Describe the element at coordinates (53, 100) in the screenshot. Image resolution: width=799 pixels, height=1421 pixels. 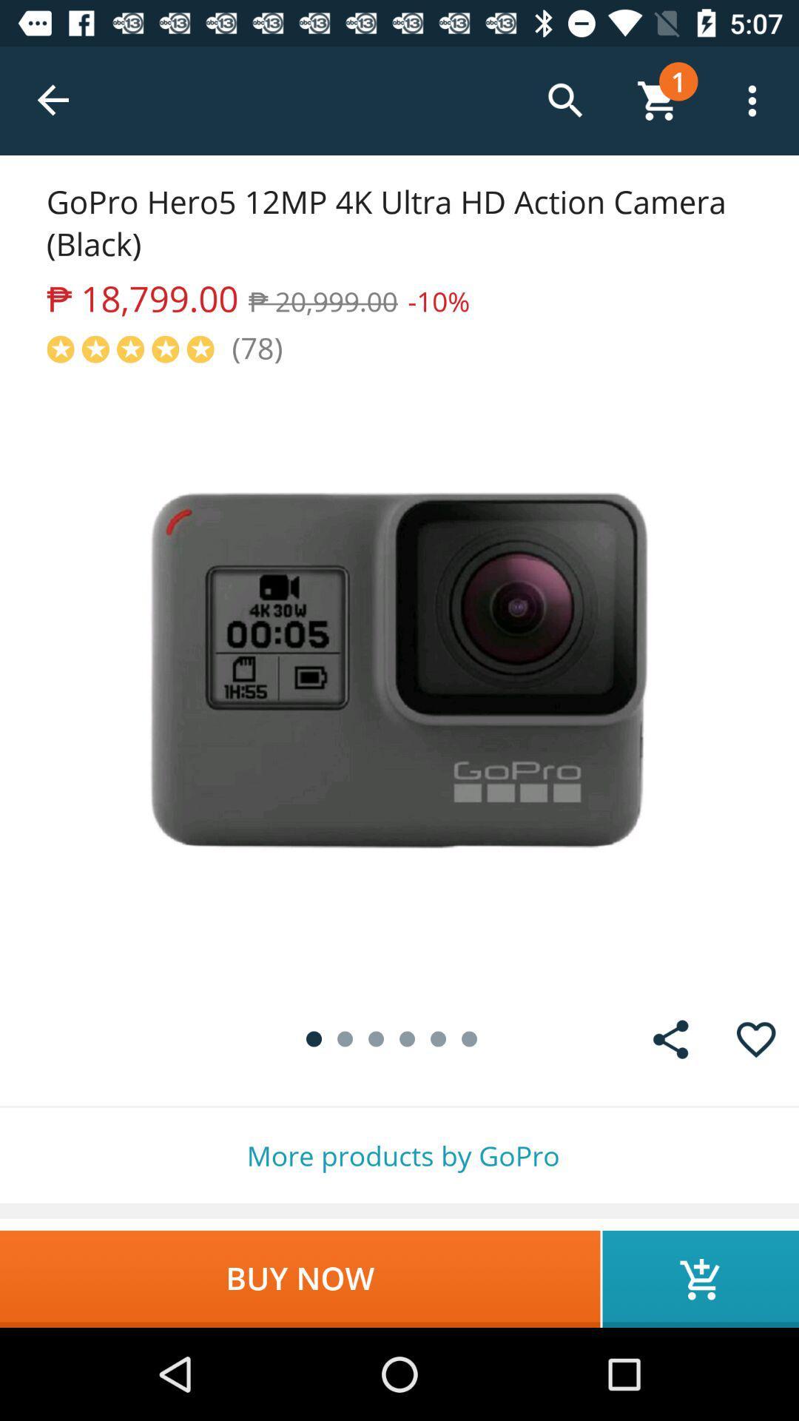
I see `previous page` at that location.